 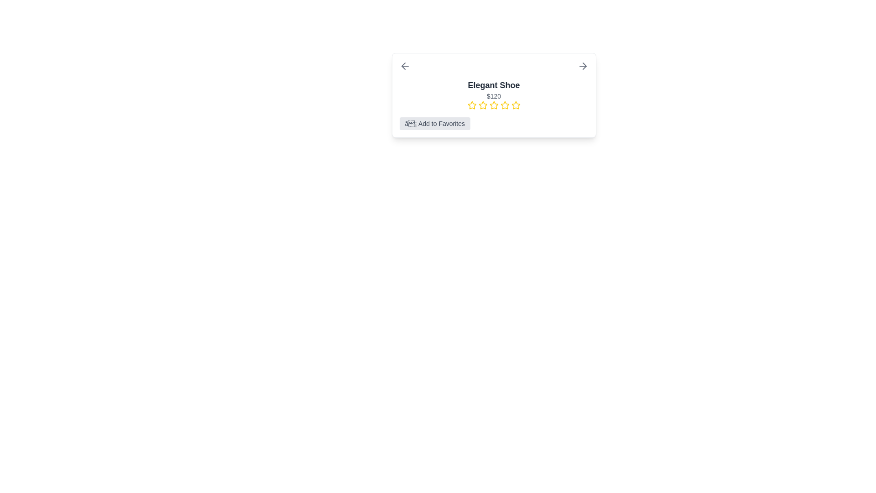 I want to click on the text label displaying '$120' in a smaller gray font, which is positioned below the title 'Elegant Shoe' and above the rating stars, so click(x=493, y=96).